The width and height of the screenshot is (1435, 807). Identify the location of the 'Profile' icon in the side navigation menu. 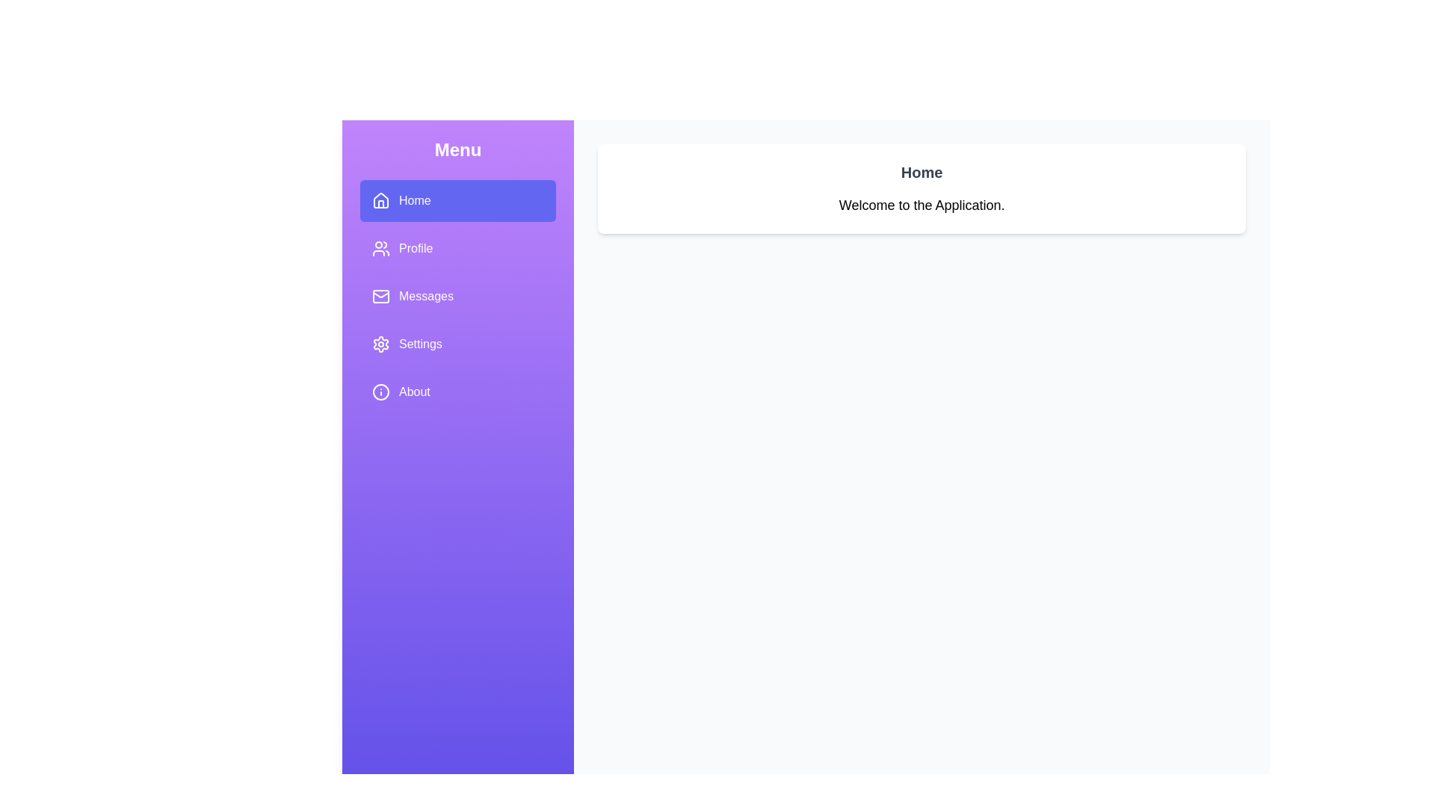
(380, 247).